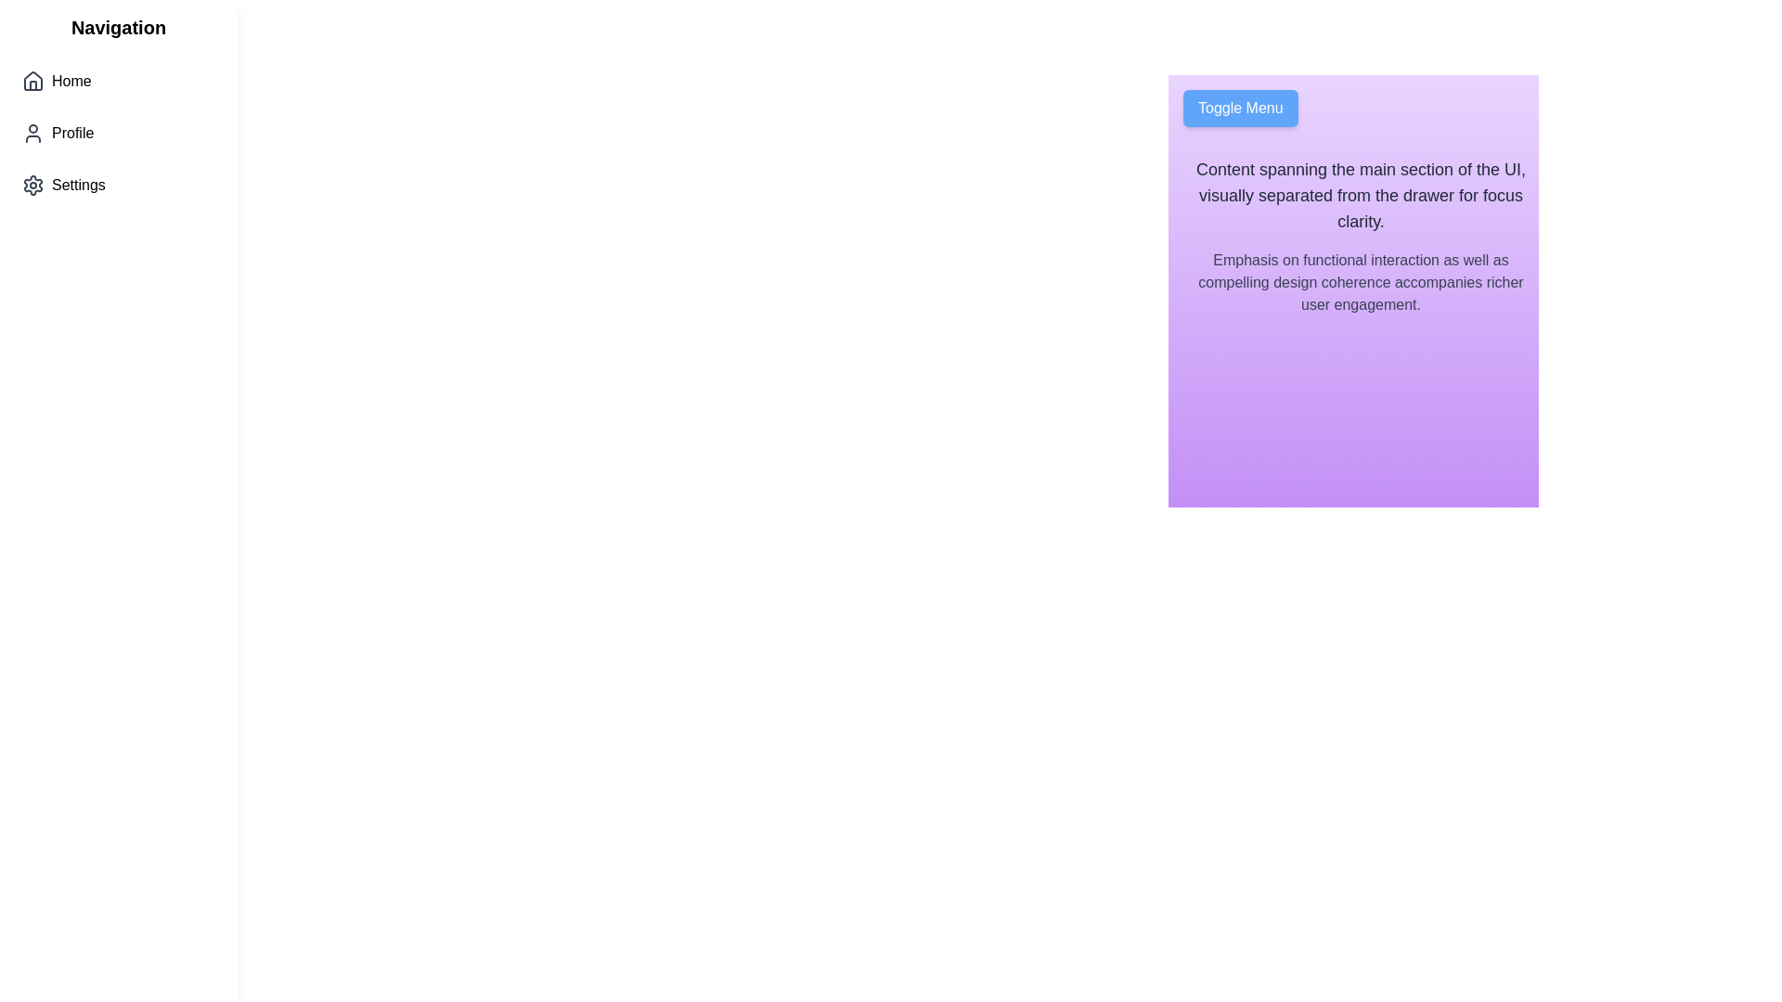  I want to click on subtle gray text element located below another text block in a vertically spaced layout on a gradient purple background, so click(1361, 282).